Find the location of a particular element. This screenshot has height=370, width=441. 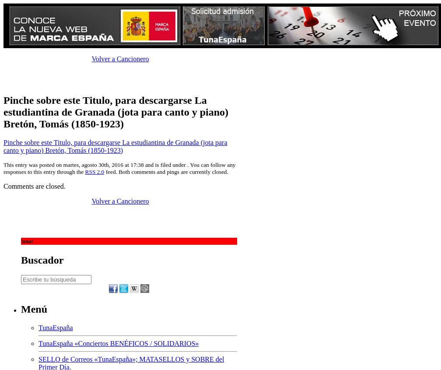

'RSS 2.0' is located at coordinates (94, 171).